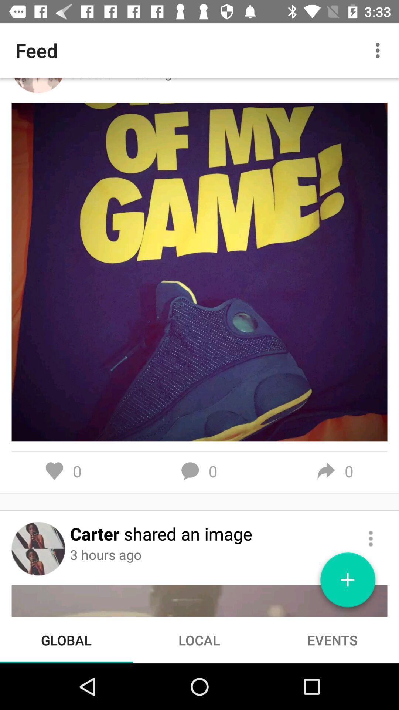 The width and height of the screenshot is (399, 710). Describe the element at coordinates (371, 538) in the screenshot. I see `more options` at that location.